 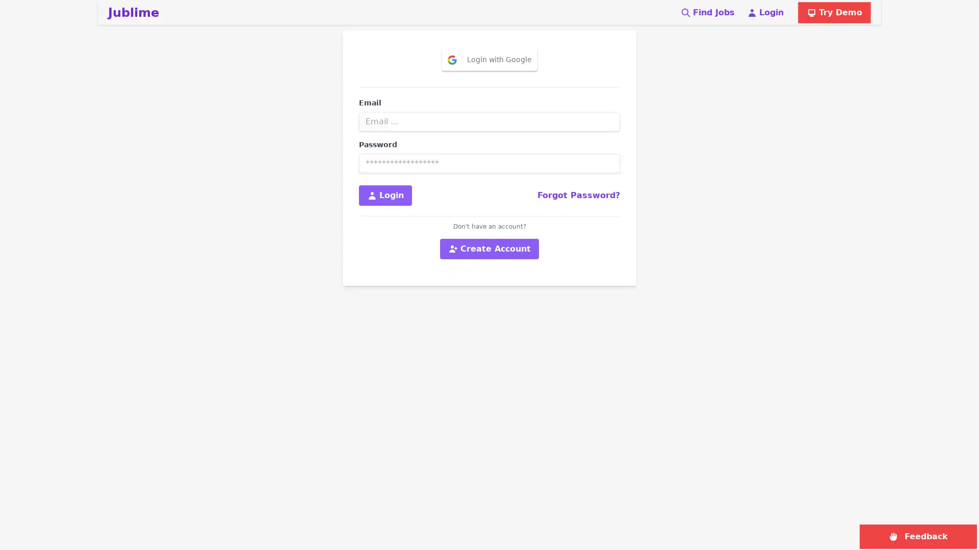 What do you see at coordinates (765, 12) in the screenshot?
I see `Login` at bounding box center [765, 12].